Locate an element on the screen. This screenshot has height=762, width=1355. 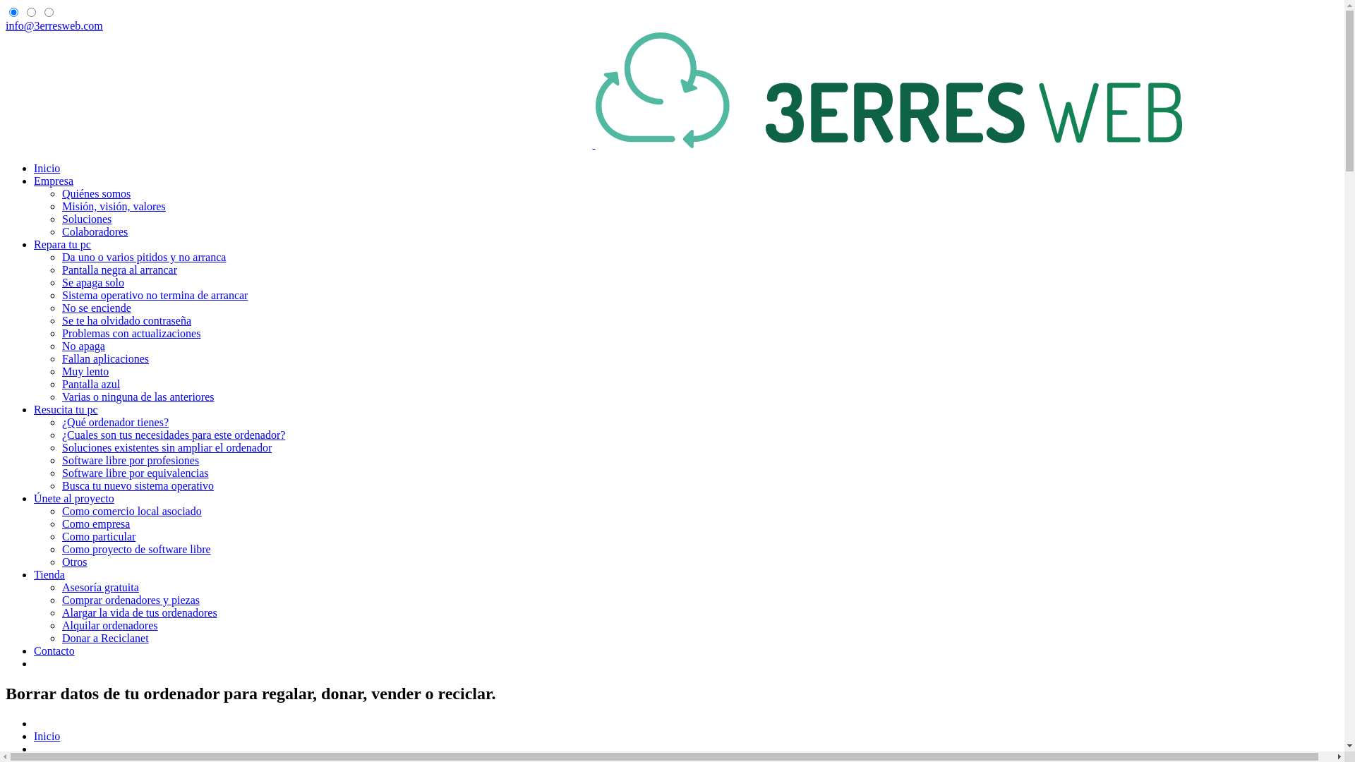
'Contacto' is located at coordinates (54, 651).